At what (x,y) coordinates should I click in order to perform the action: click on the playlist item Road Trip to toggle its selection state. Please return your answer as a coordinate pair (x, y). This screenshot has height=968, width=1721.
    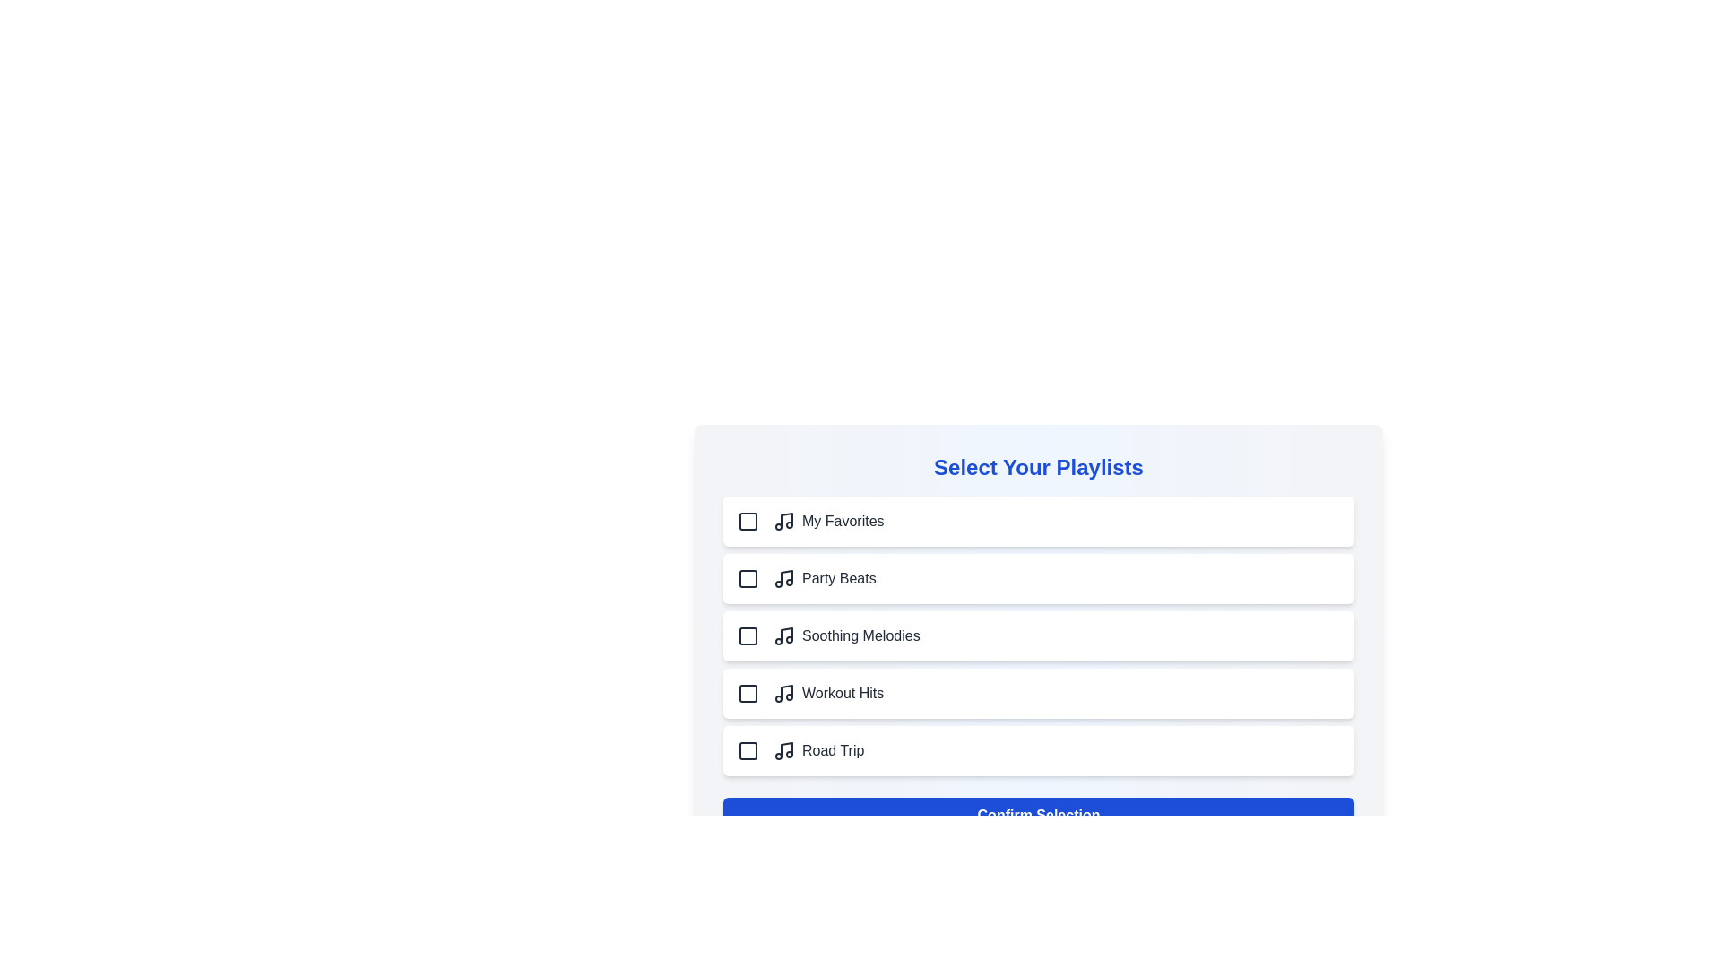
    Looking at the image, I should click on (1038, 750).